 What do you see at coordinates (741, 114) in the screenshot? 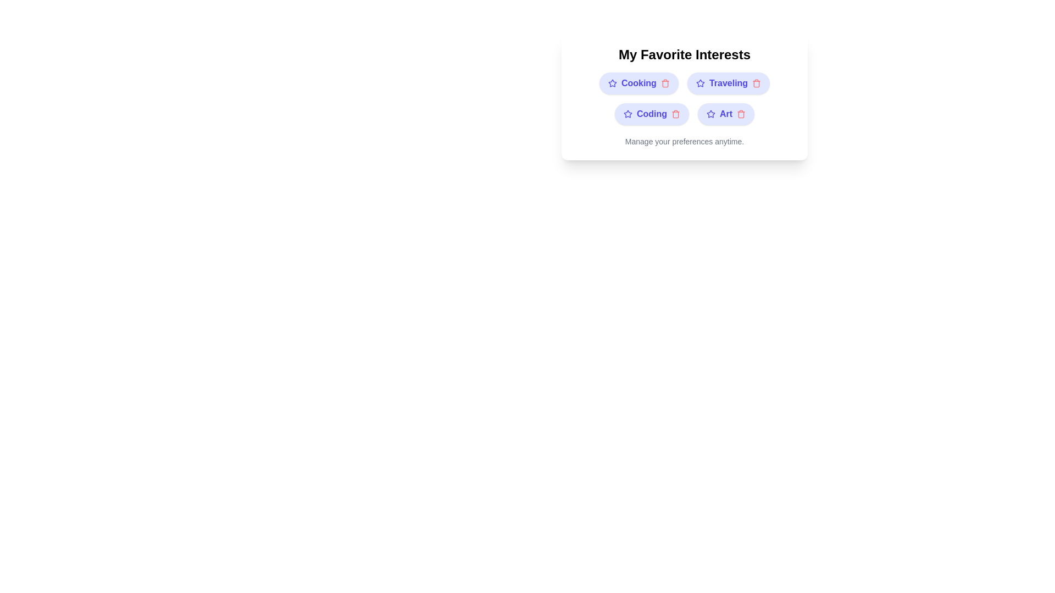
I see `delete button next to the interest Art to remove it` at bounding box center [741, 114].